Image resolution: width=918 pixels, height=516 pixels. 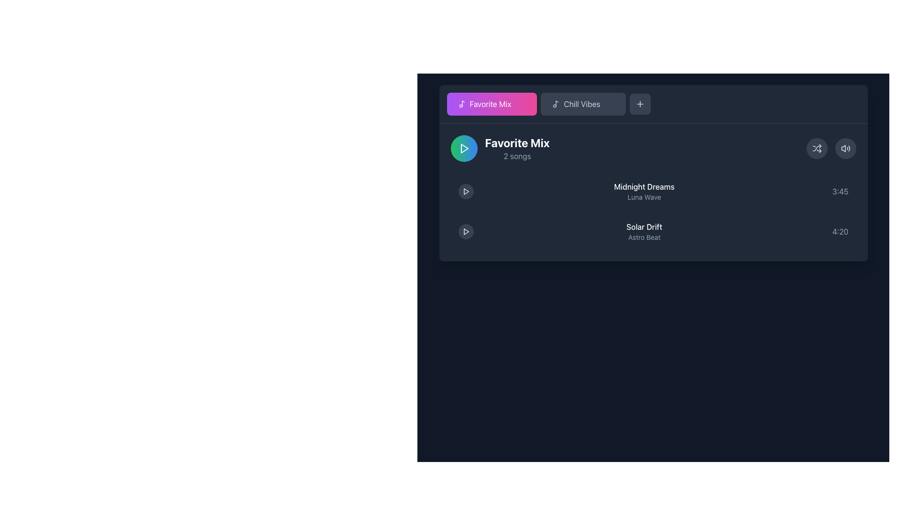 I want to click on the 'Solar Drift' text display element, which is the second item in the 'Favorite Mix' playlist, so click(x=644, y=232).